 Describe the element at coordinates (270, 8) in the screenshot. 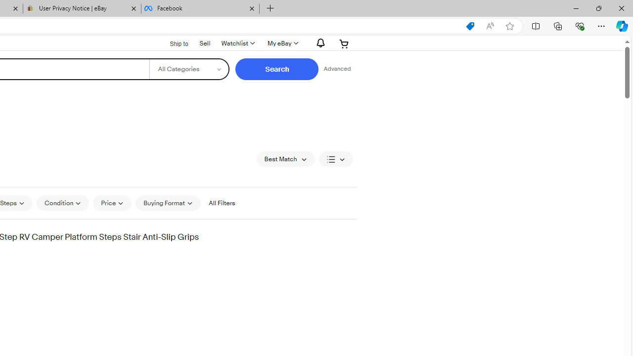

I see `'New Tab'` at that location.